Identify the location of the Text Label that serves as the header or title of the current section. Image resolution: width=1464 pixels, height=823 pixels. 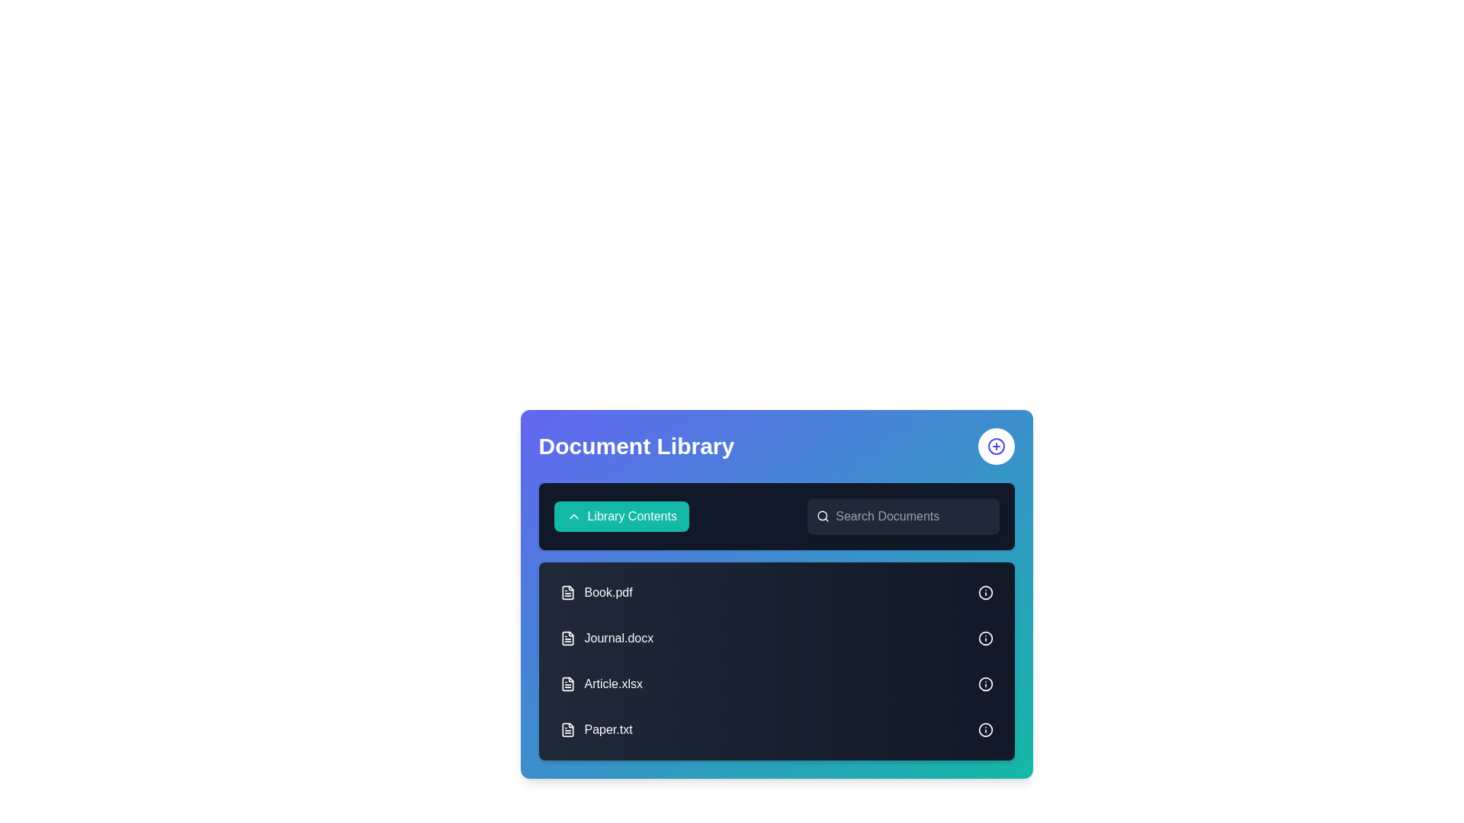
(636, 446).